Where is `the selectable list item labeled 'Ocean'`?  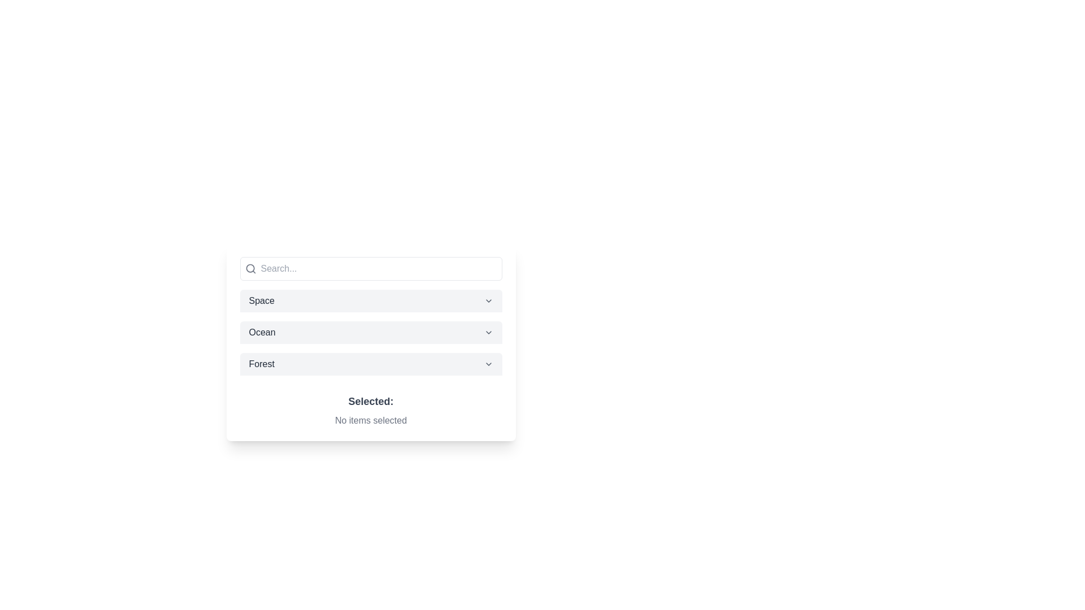
the selectable list item labeled 'Ocean' is located at coordinates (371, 332).